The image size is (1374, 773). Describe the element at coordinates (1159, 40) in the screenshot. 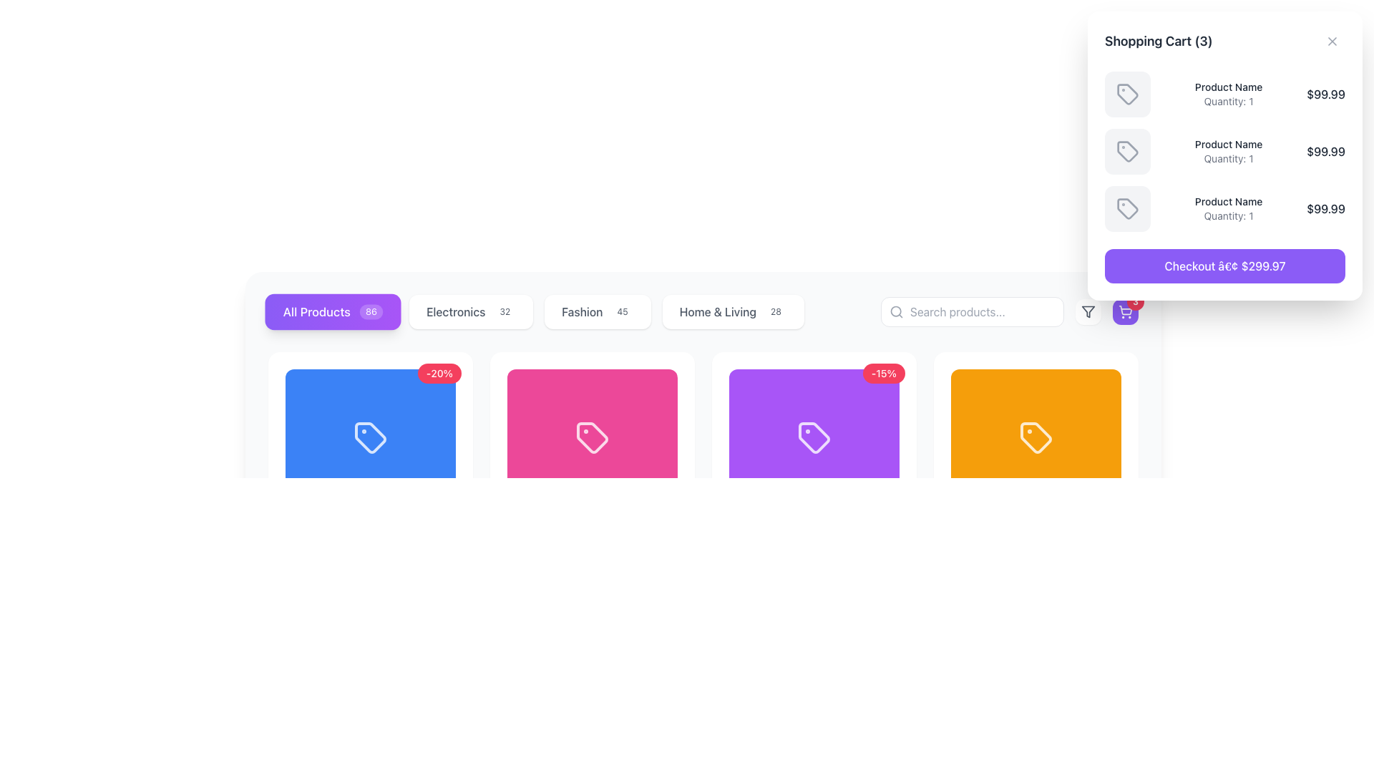

I see `the text label displaying 'Shopping Cart (3)' which is styled in bold and dark gray, located at the top of the shopping cart details panel` at that location.